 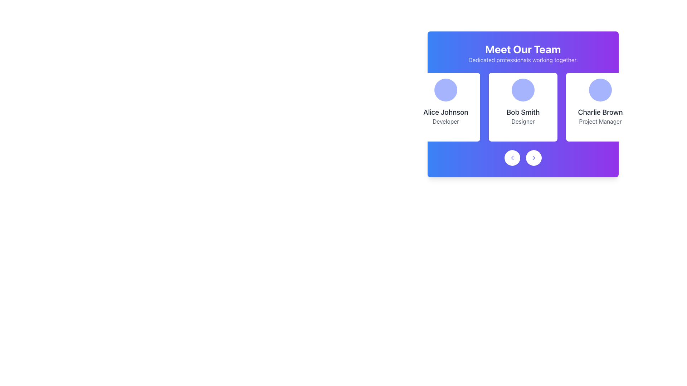 I want to click on the left navigation SVG icon located within the circular button at the bottom center of the purple gradient section beneath the team cards, so click(x=512, y=158).